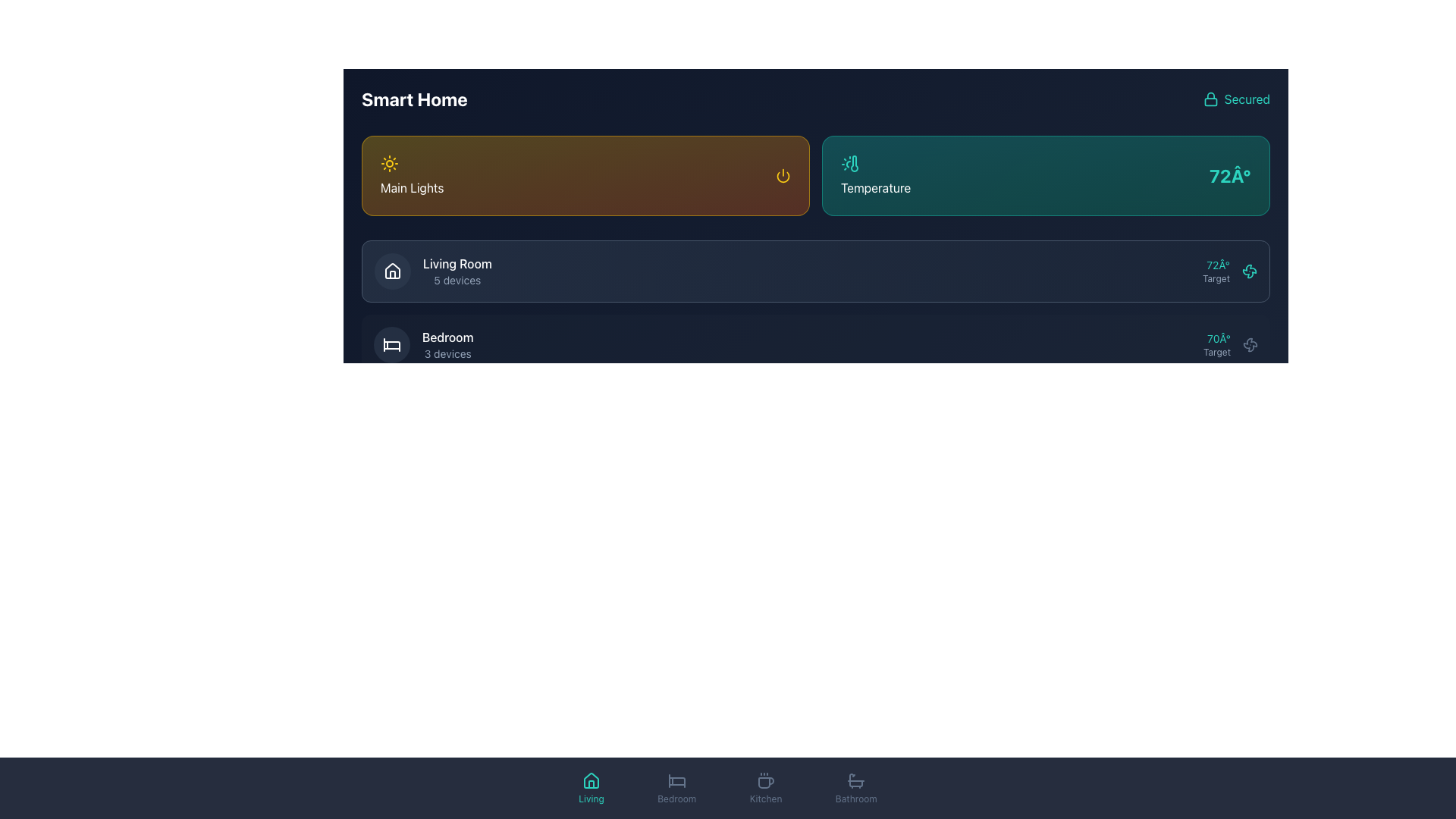  Describe the element at coordinates (1216, 271) in the screenshot. I see `the text display that shows '72°' in teal font, located in the top-right corner of the bottom panel` at that location.